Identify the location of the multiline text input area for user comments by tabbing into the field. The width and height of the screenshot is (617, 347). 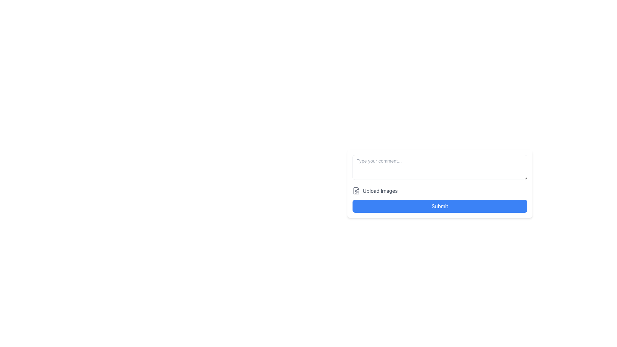
(439, 167).